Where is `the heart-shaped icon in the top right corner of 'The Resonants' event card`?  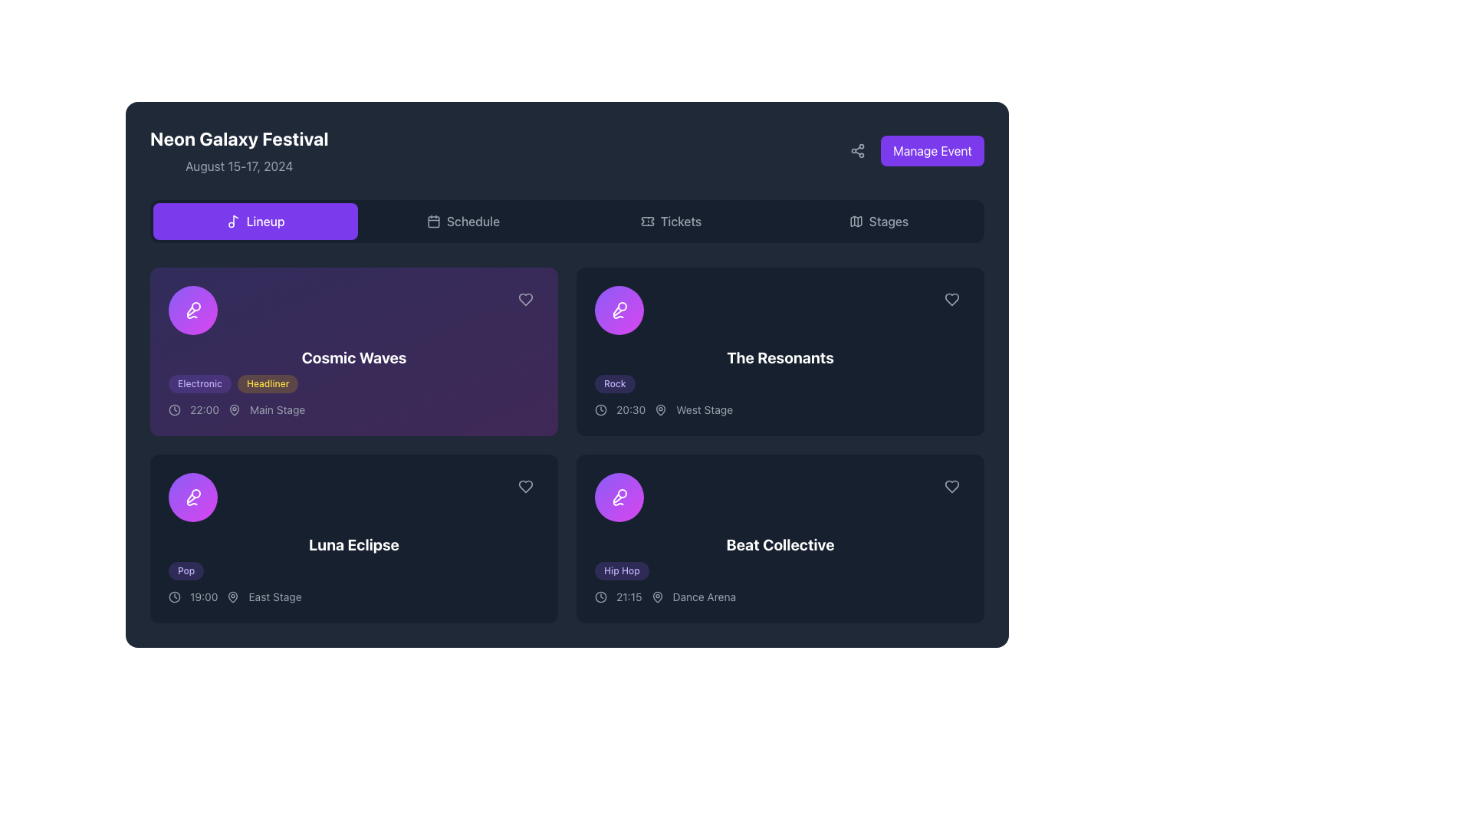
the heart-shaped icon in the top right corner of 'The Resonants' event card is located at coordinates (951, 299).